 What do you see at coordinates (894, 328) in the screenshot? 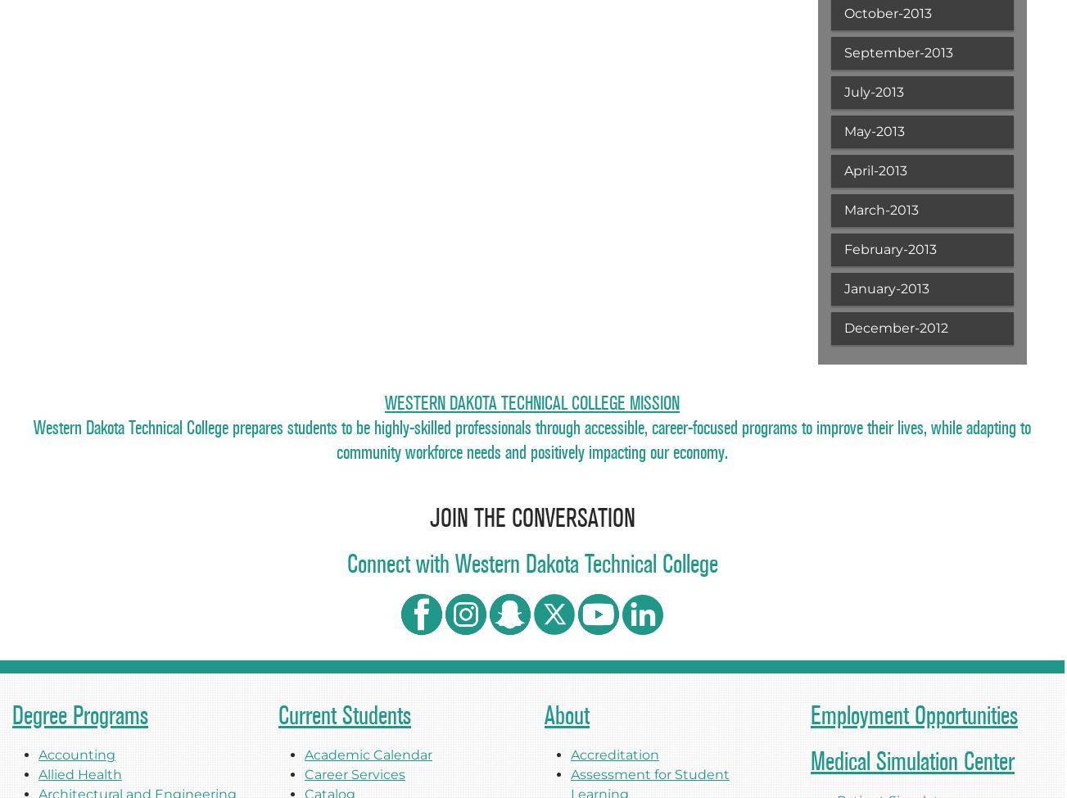
I see `'December-2012'` at bounding box center [894, 328].